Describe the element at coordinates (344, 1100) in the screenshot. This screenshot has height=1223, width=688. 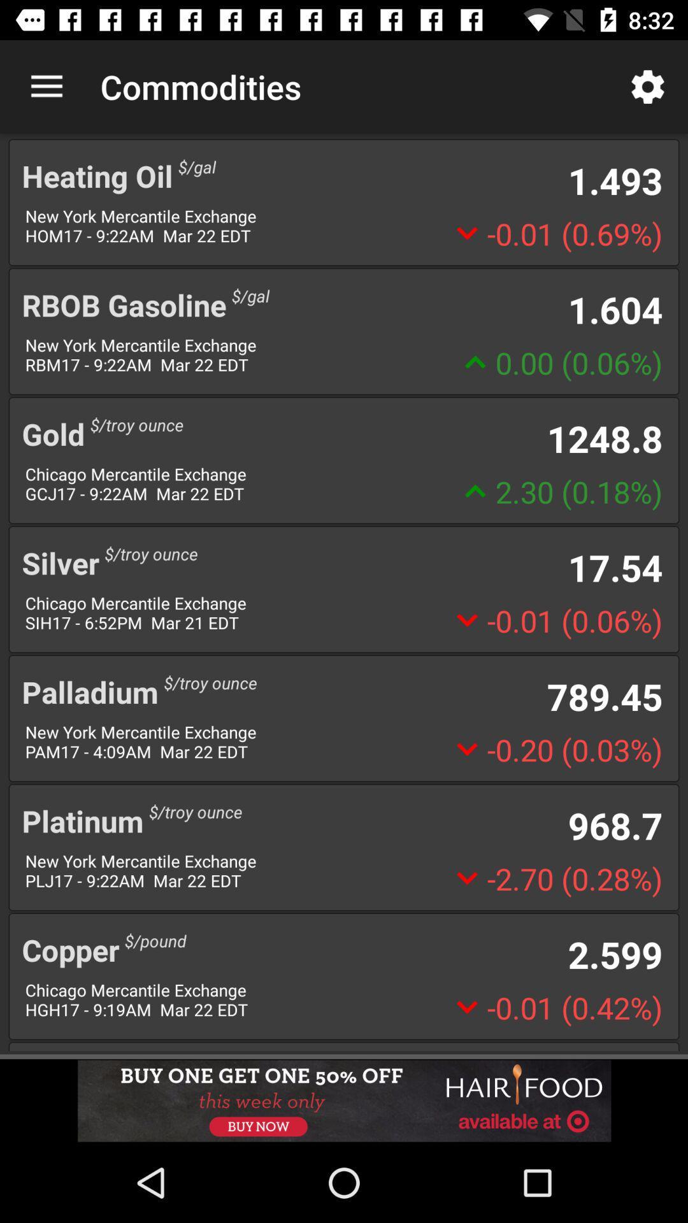
I see `open advertisement` at that location.